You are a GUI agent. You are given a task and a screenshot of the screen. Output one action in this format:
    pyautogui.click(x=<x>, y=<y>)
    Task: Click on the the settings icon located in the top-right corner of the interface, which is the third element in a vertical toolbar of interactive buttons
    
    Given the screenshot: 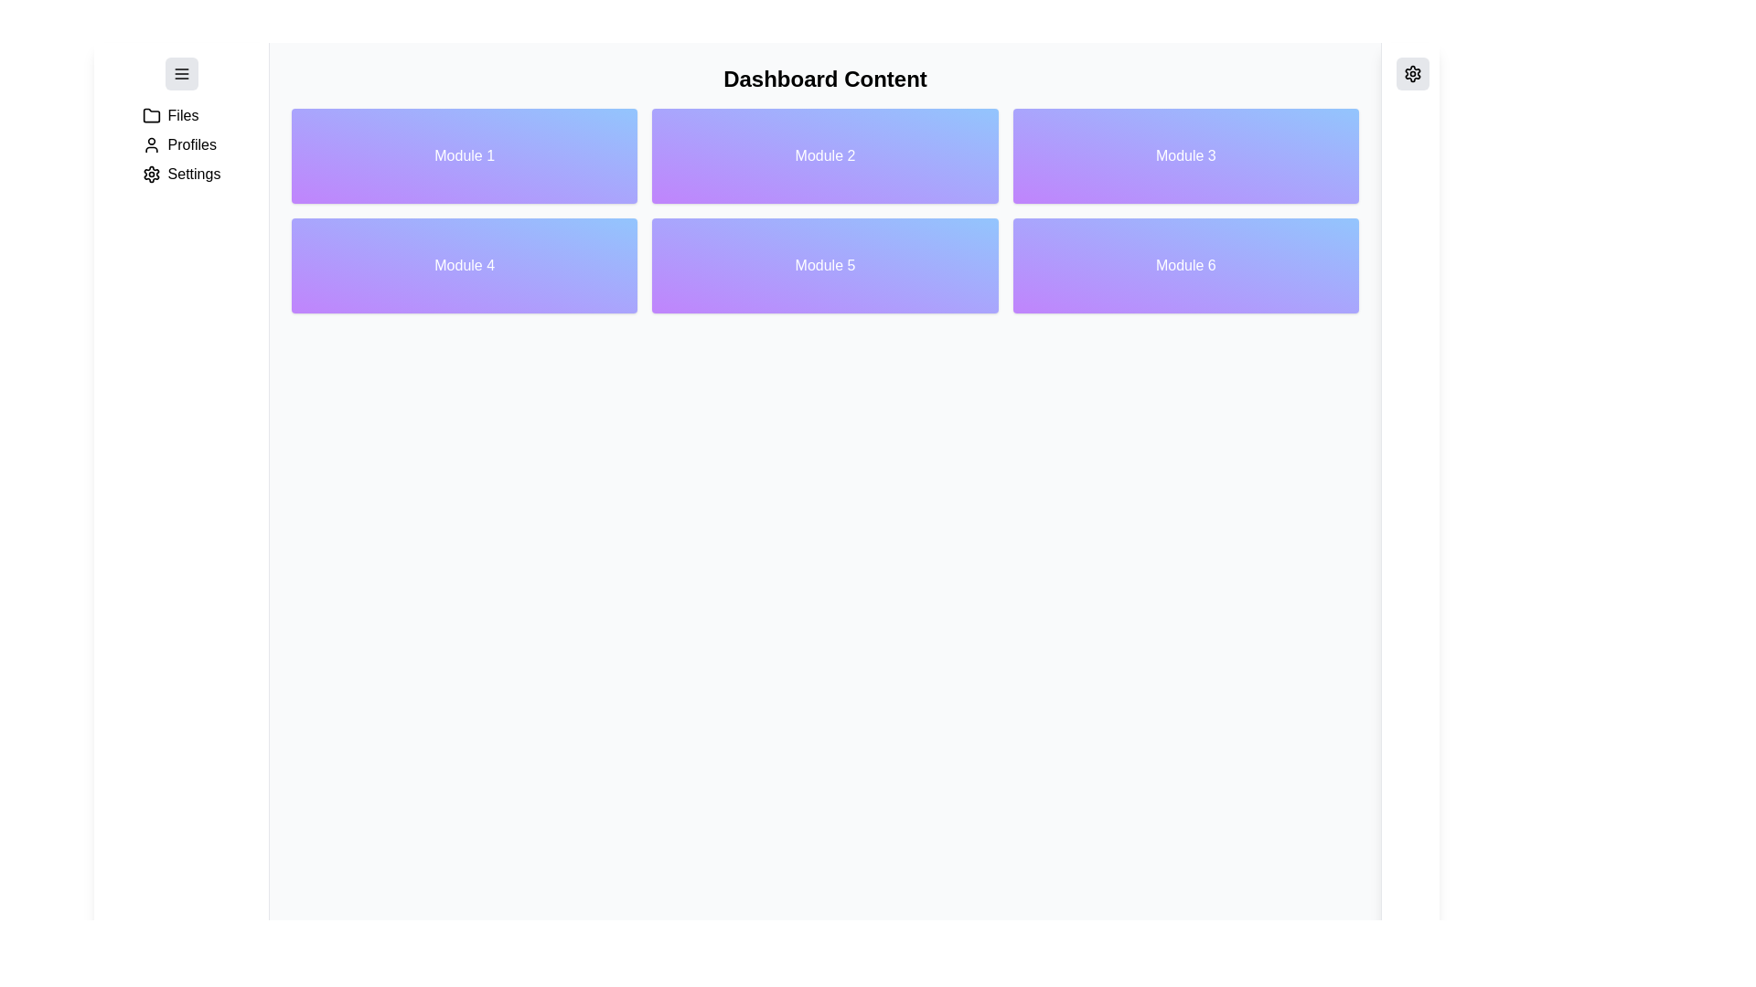 What is the action you would take?
    pyautogui.click(x=1412, y=73)
    